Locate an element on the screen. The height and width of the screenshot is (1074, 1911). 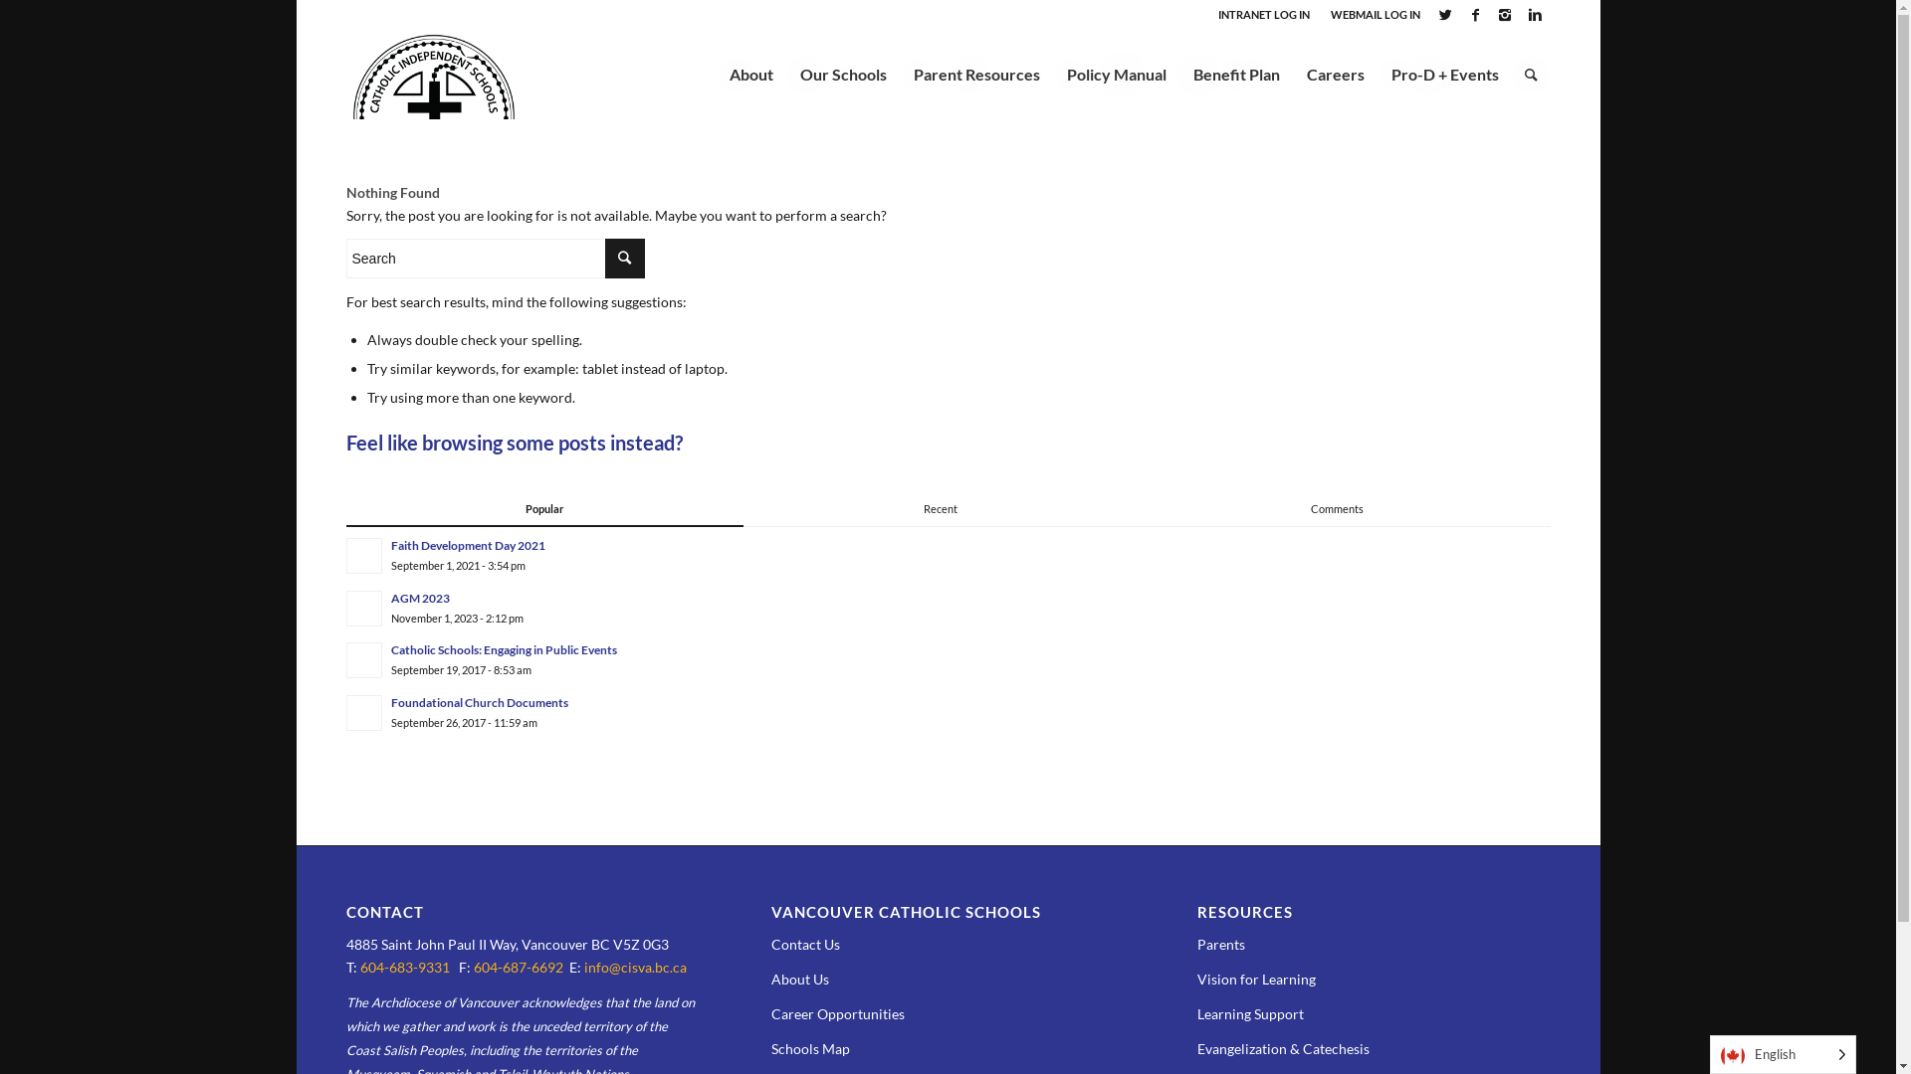
'Careers' is located at coordinates (1334, 73).